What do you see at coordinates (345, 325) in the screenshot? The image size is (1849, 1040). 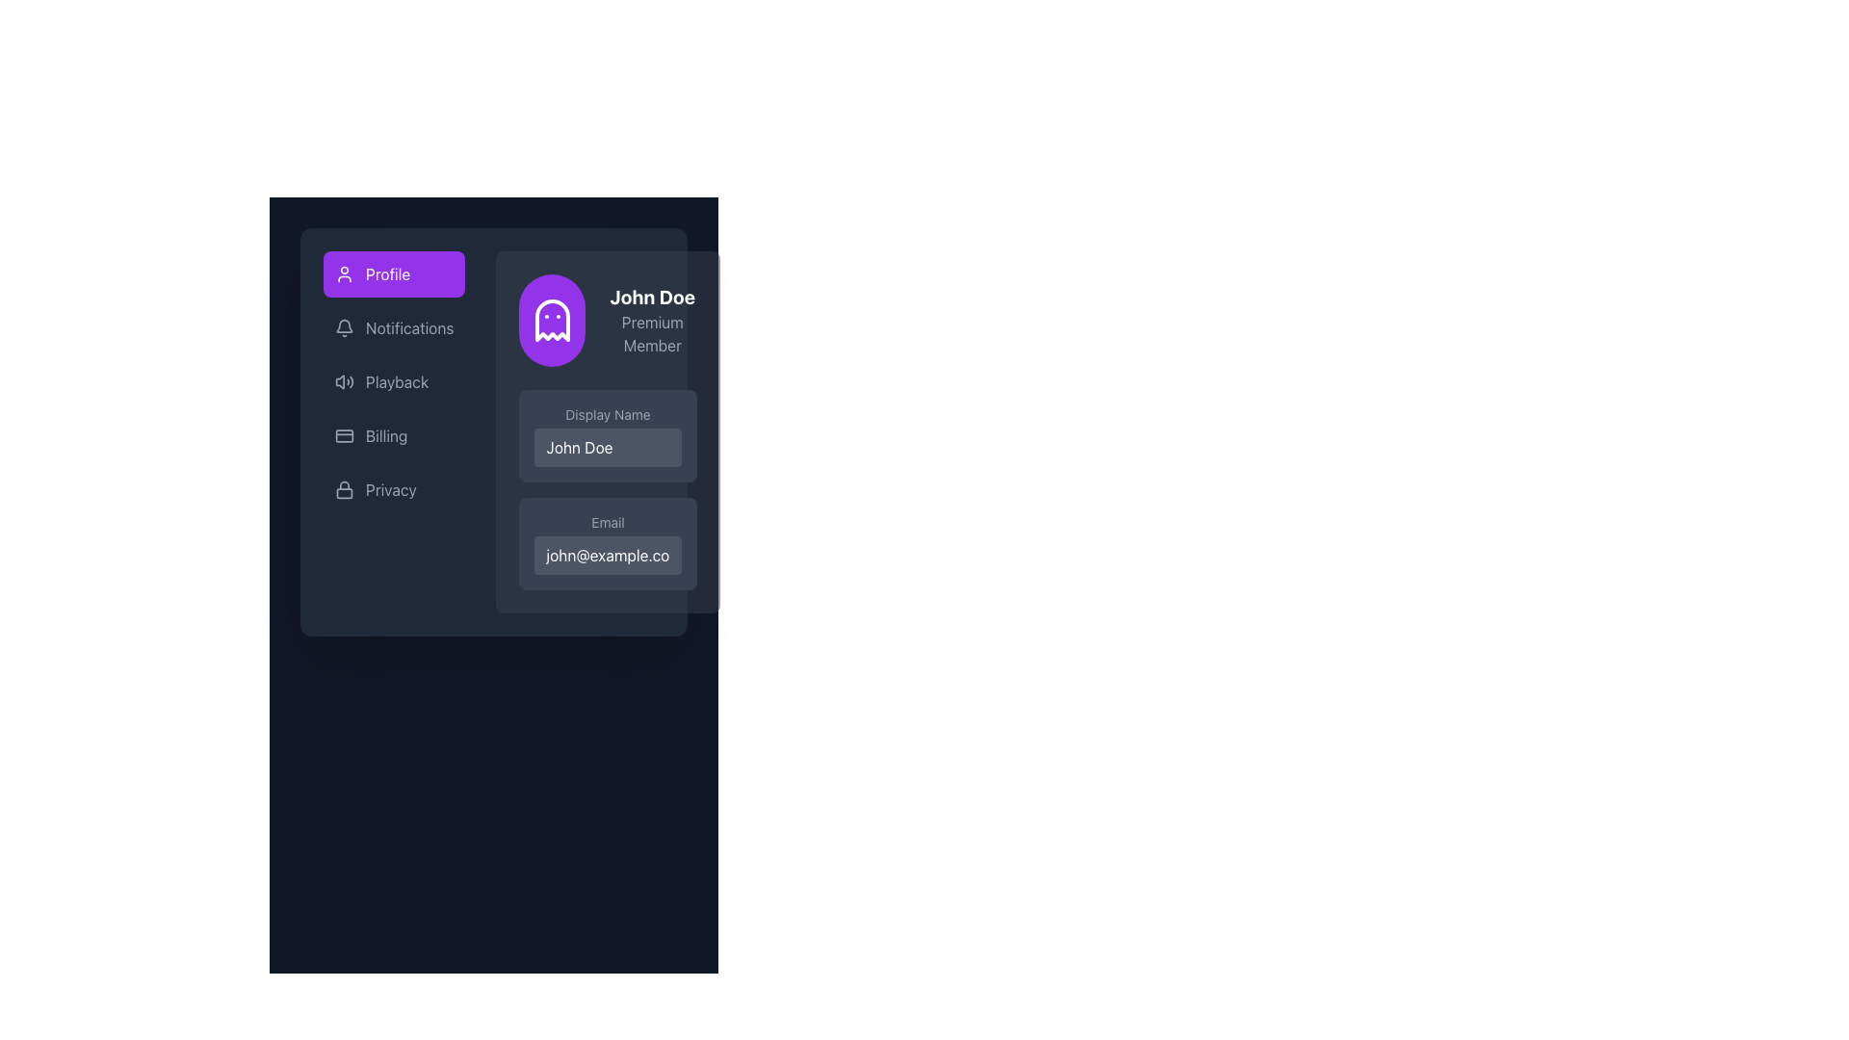 I see `the upper central portion of the bell icon in the sidebar menu, which is styled in a dark foreground color` at bounding box center [345, 325].